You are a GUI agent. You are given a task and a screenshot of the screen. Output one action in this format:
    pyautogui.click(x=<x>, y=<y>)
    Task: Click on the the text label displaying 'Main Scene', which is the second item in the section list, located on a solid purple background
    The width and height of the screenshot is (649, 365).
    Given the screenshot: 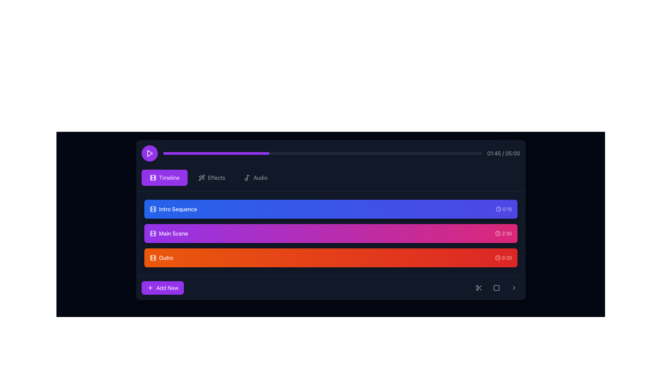 What is the action you would take?
    pyautogui.click(x=173, y=233)
    